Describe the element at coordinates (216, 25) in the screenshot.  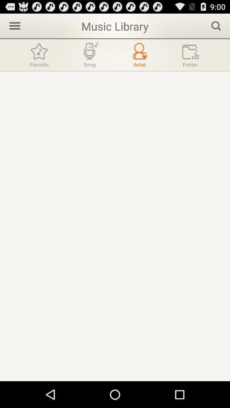
I see `the app to the right of the music library icon` at that location.